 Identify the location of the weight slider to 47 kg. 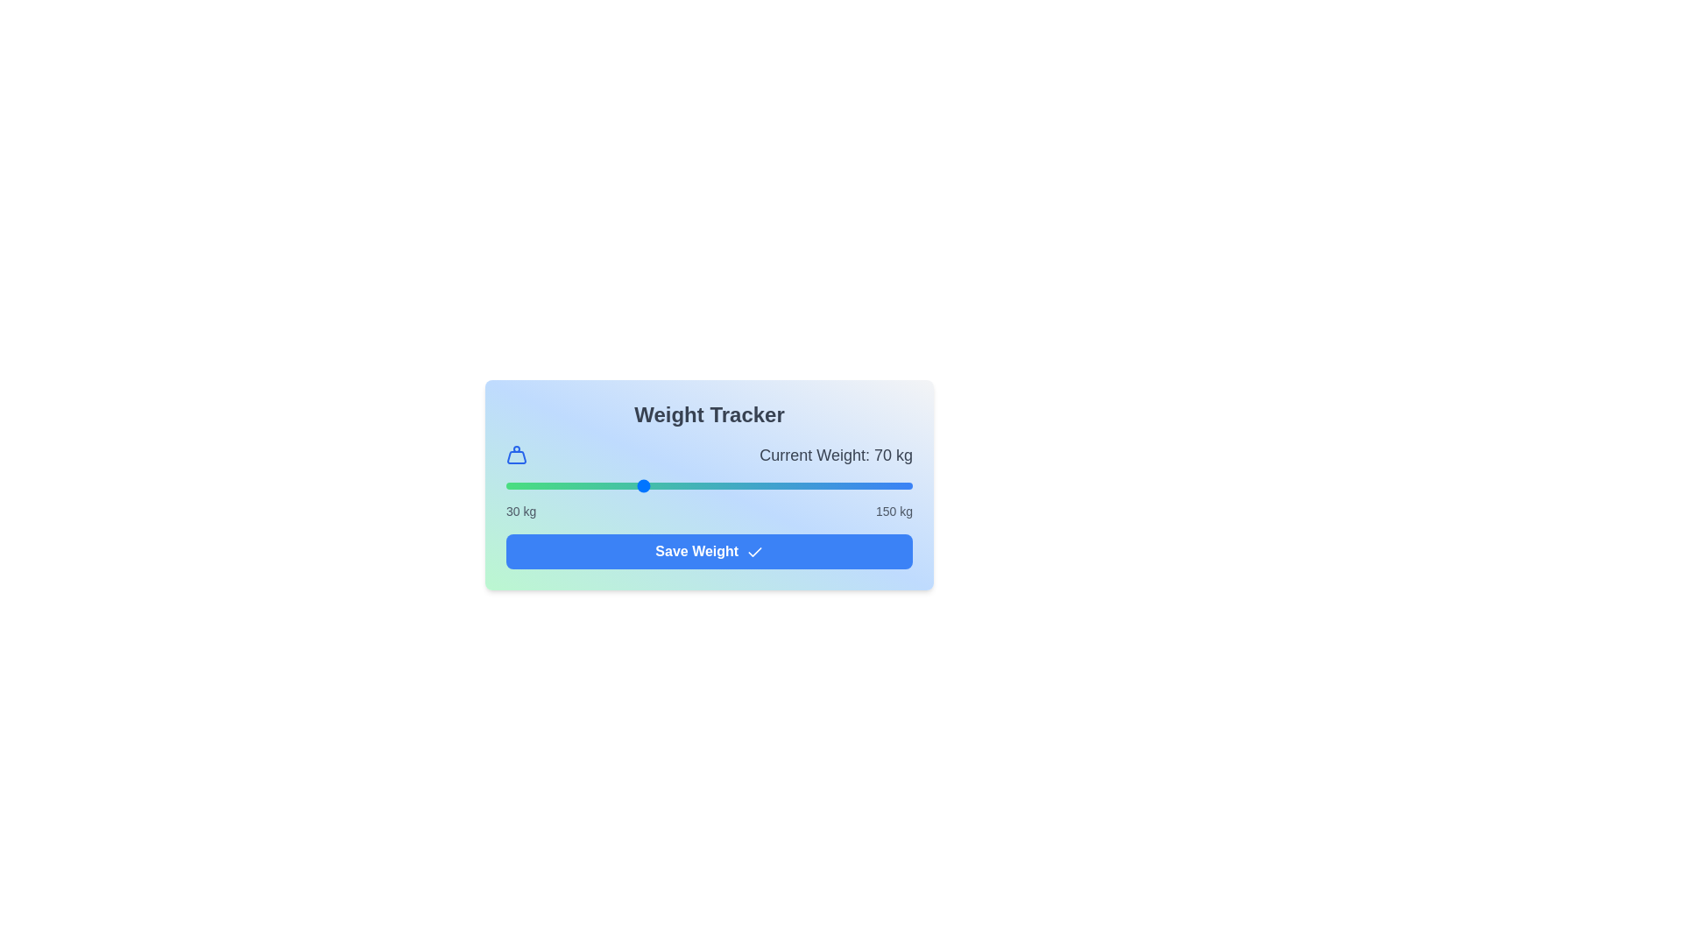
(563, 486).